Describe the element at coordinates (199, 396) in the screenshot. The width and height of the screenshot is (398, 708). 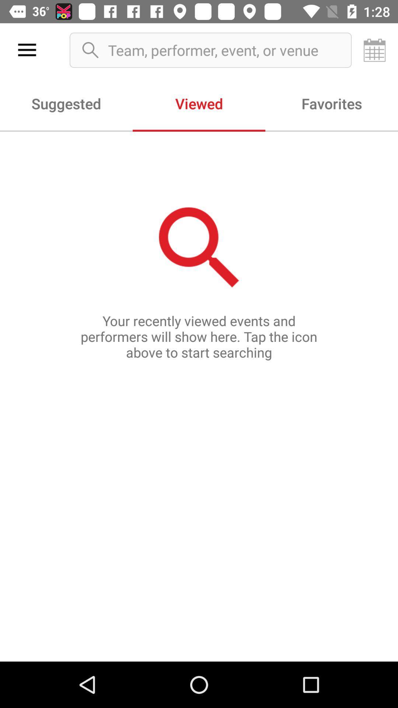
I see `the your recently viewed item` at that location.